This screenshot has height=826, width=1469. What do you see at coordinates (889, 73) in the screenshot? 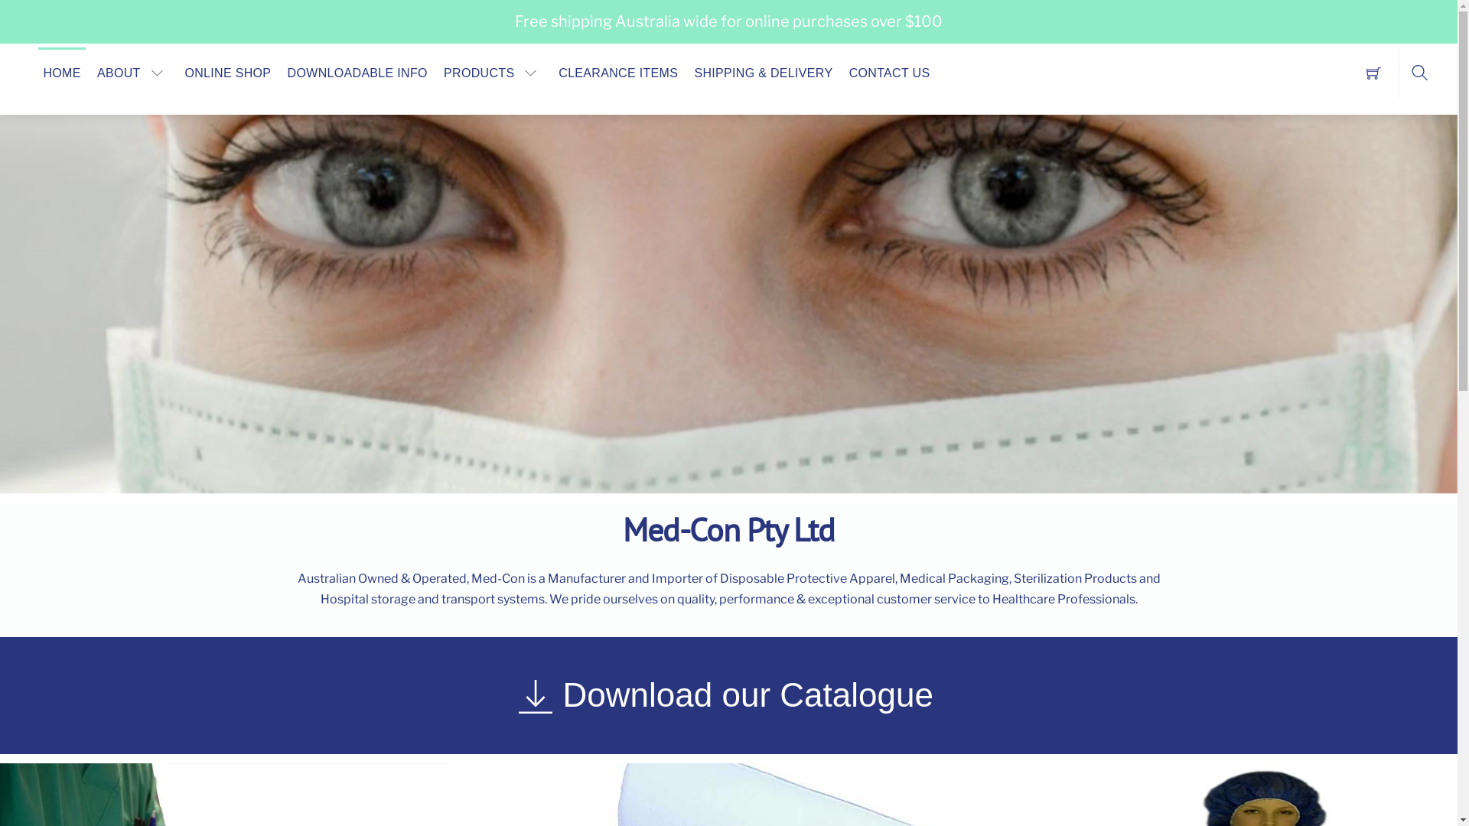
I see `'CONTACT US'` at bounding box center [889, 73].